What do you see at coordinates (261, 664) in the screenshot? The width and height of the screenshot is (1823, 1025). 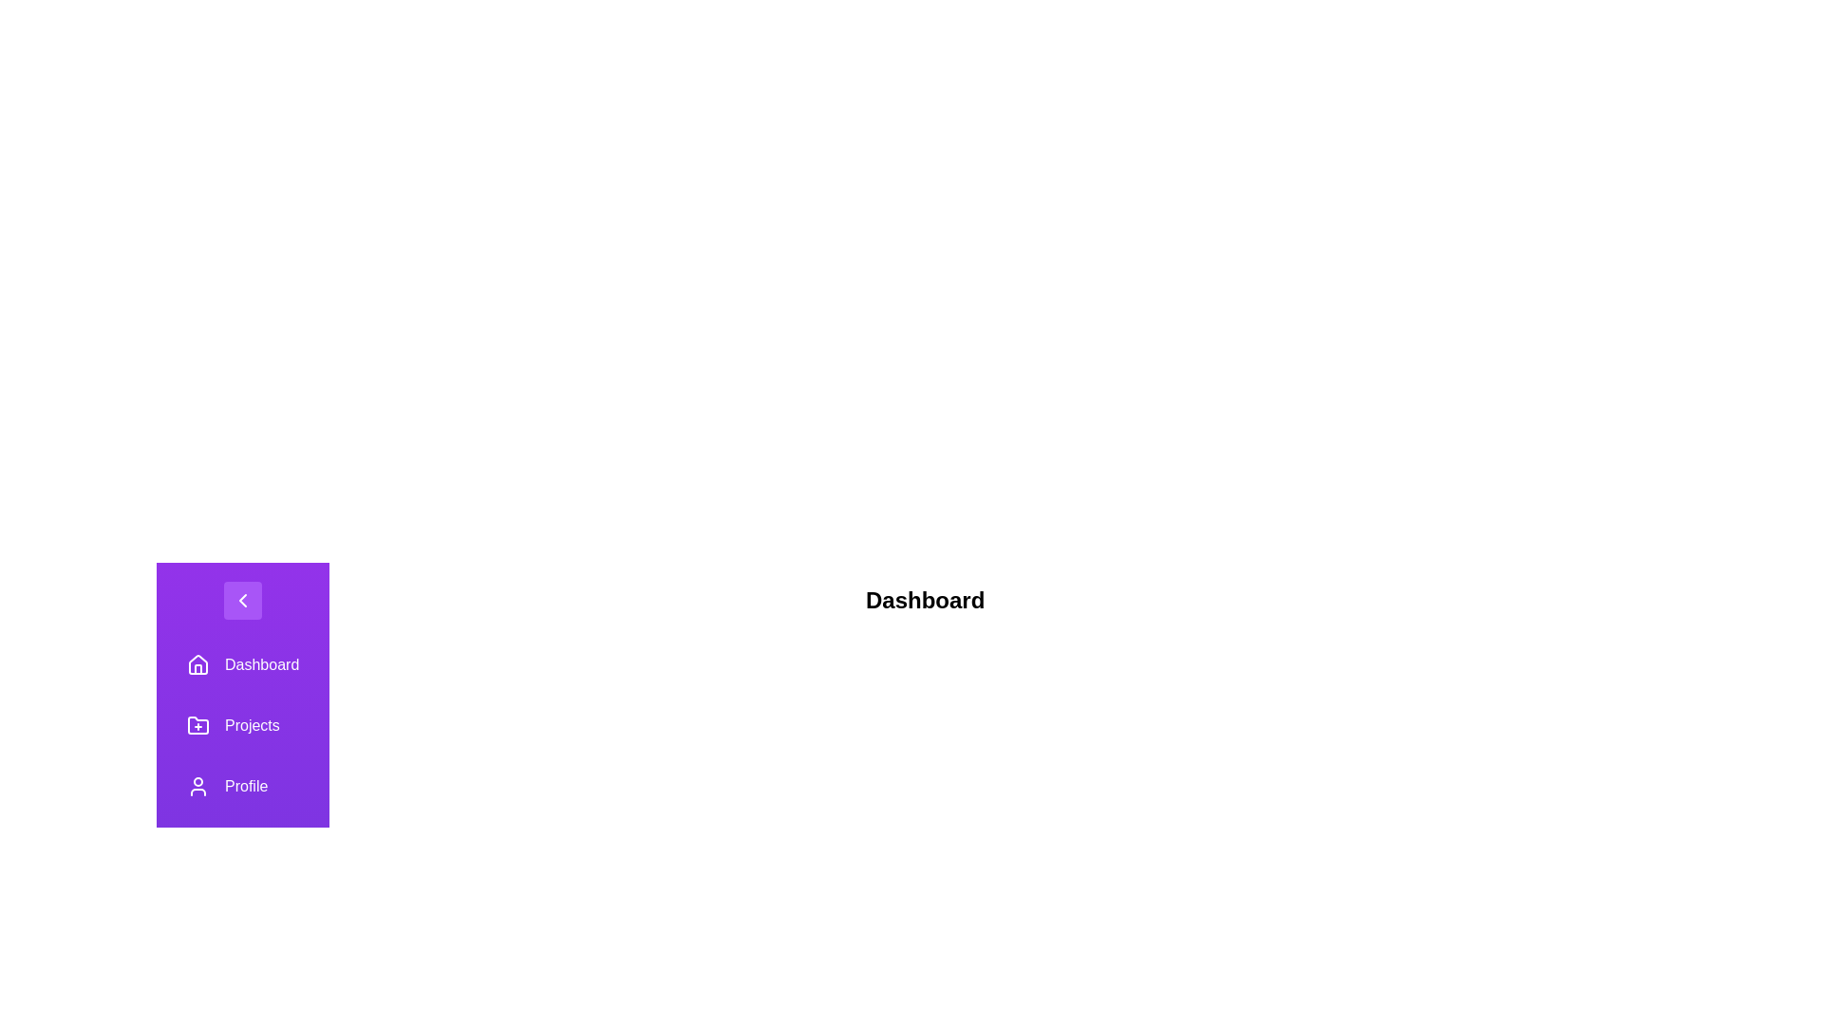 I see `the 'Dashboard' text label displayed in white font within a purple rectangular section of the navigation menu` at bounding box center [261, 664].